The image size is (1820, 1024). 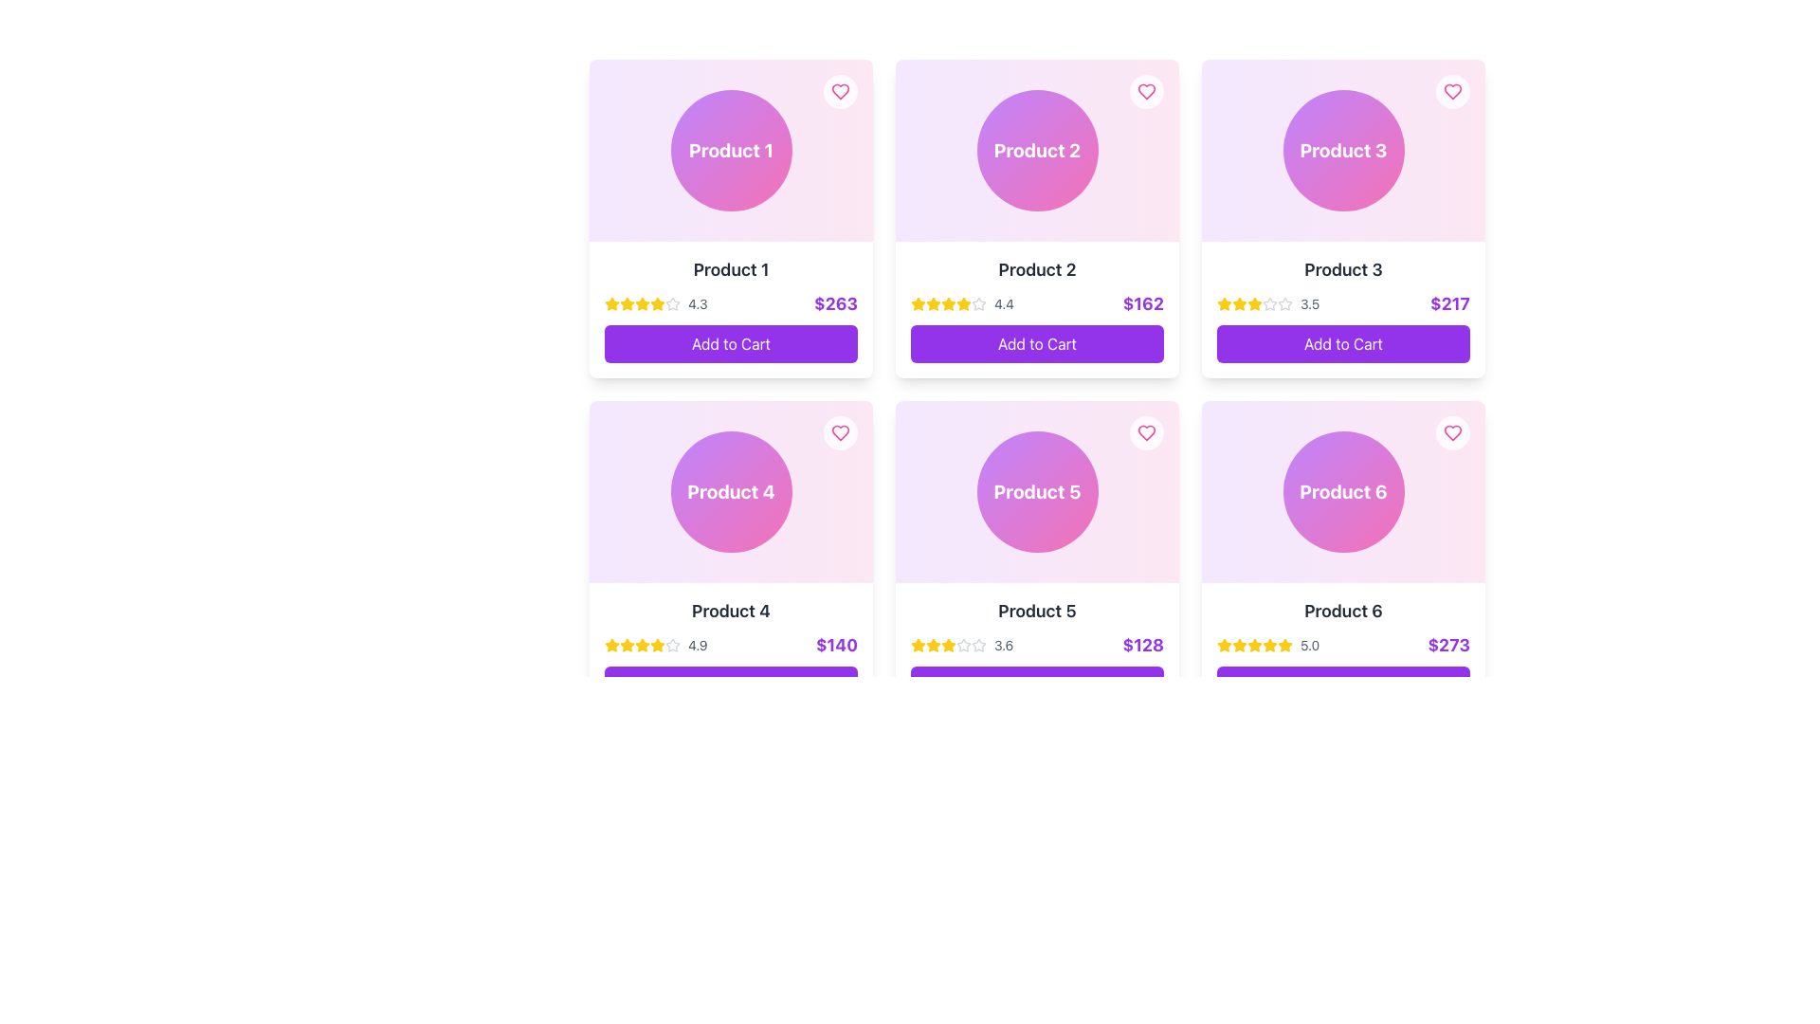 I want to click on the Star glyph located in the second column of the first row, below the title 'Product 2' and above the numerical rating value of '4.4', so click(x=919, y=302).